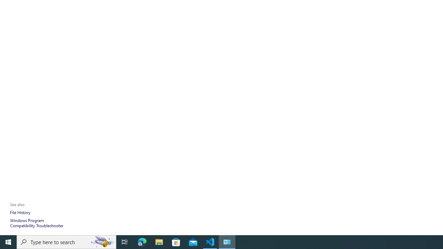 This screenshot has height=249, width=443. I want to click on 'Control Panel - 1 running window', so click(227, 241).